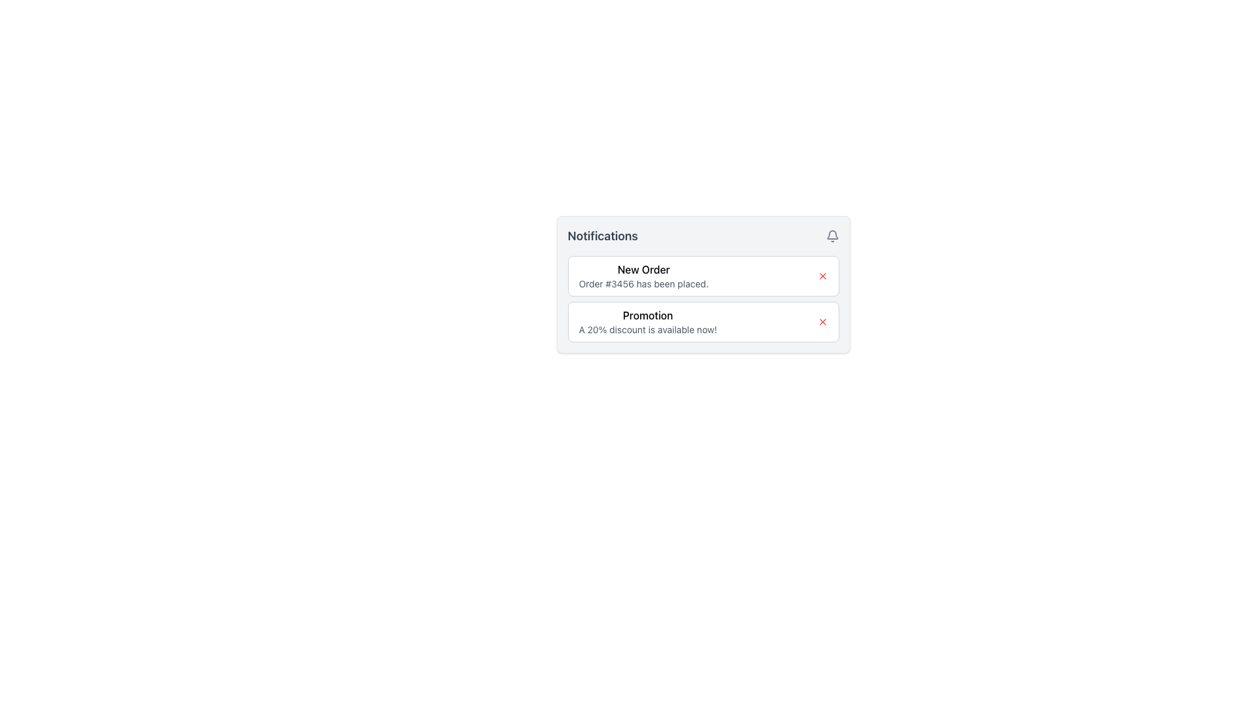 The height and width of the screenshot is (707, 1258). I want to click on text content of the 'New Order' text label, which is displayed in bold at the top of the notification card titled 'Notifications', so click(643, 269).